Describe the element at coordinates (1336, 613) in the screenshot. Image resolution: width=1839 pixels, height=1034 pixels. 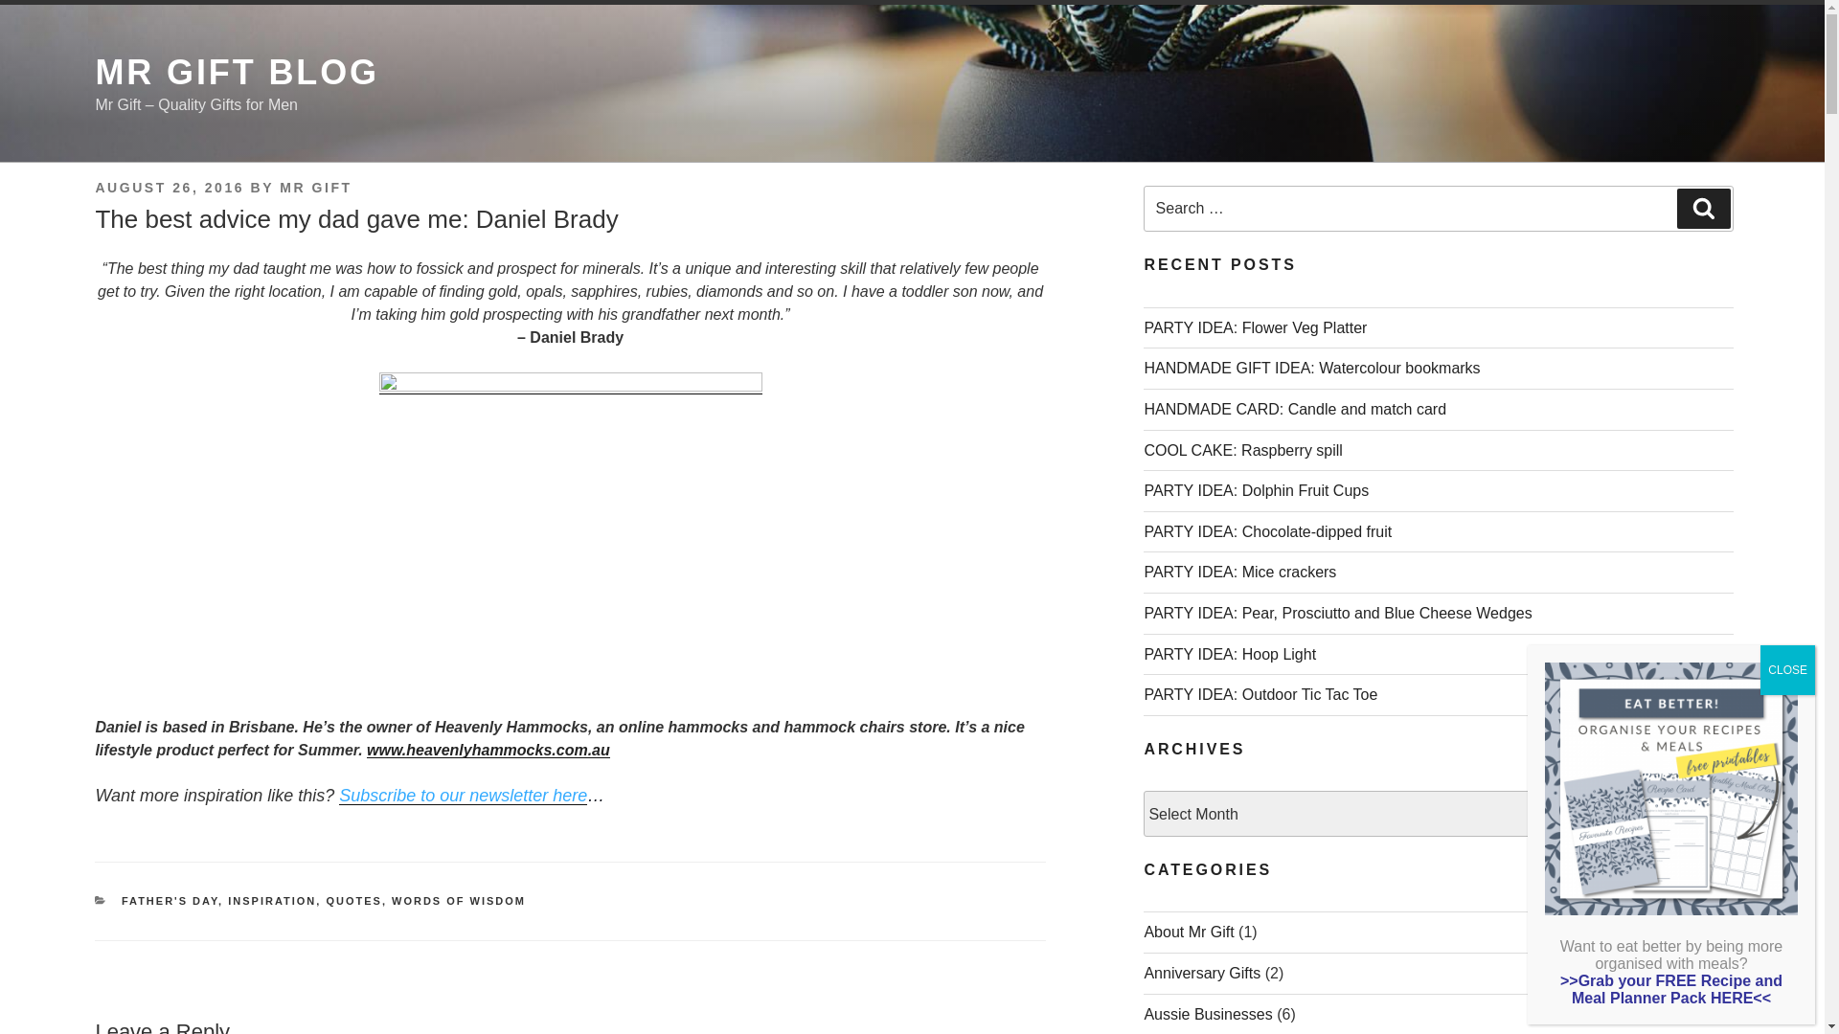
I see `'PARTY IDEA: Pear, Prosciutto and Blue Cheese Wedges'` at that location.